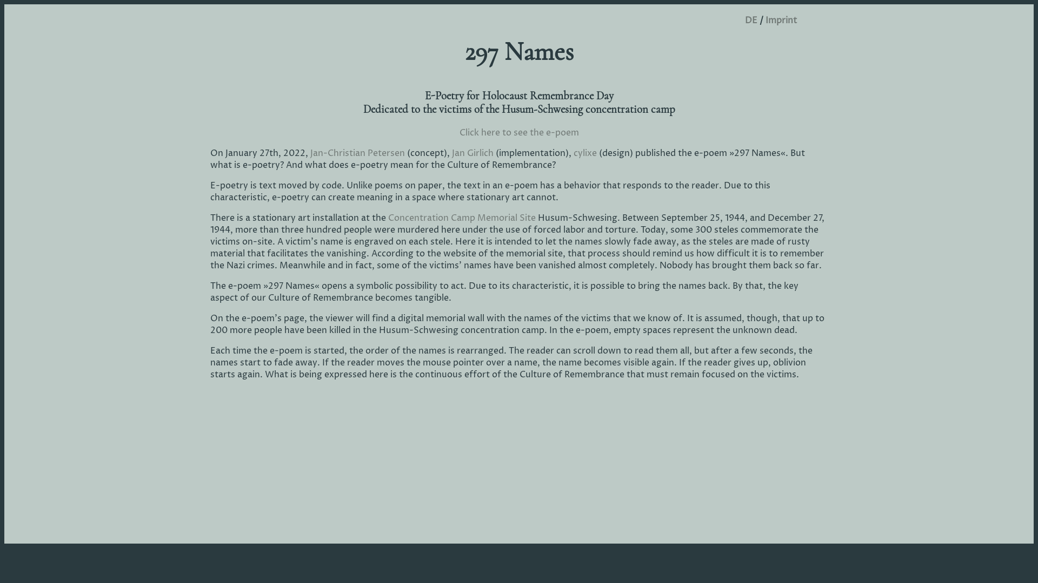 The image size is (1038, 583). What do you see at coordinates (781, 21) in the screenshot?
I see `'Imprint'` at bounding box center [781, 21].